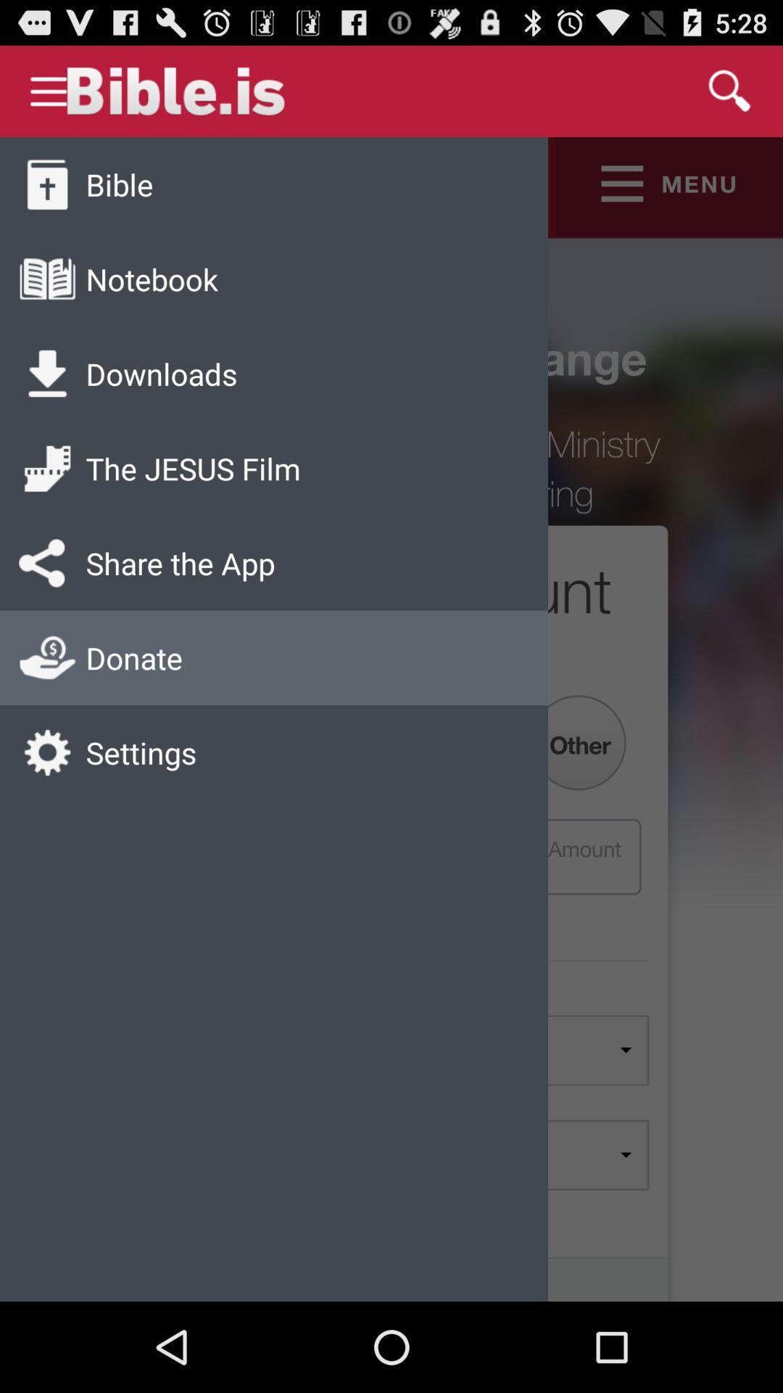  Describe the element at coordinates (152, 279) in the screenshot. I see `app above downloads item` at that location.